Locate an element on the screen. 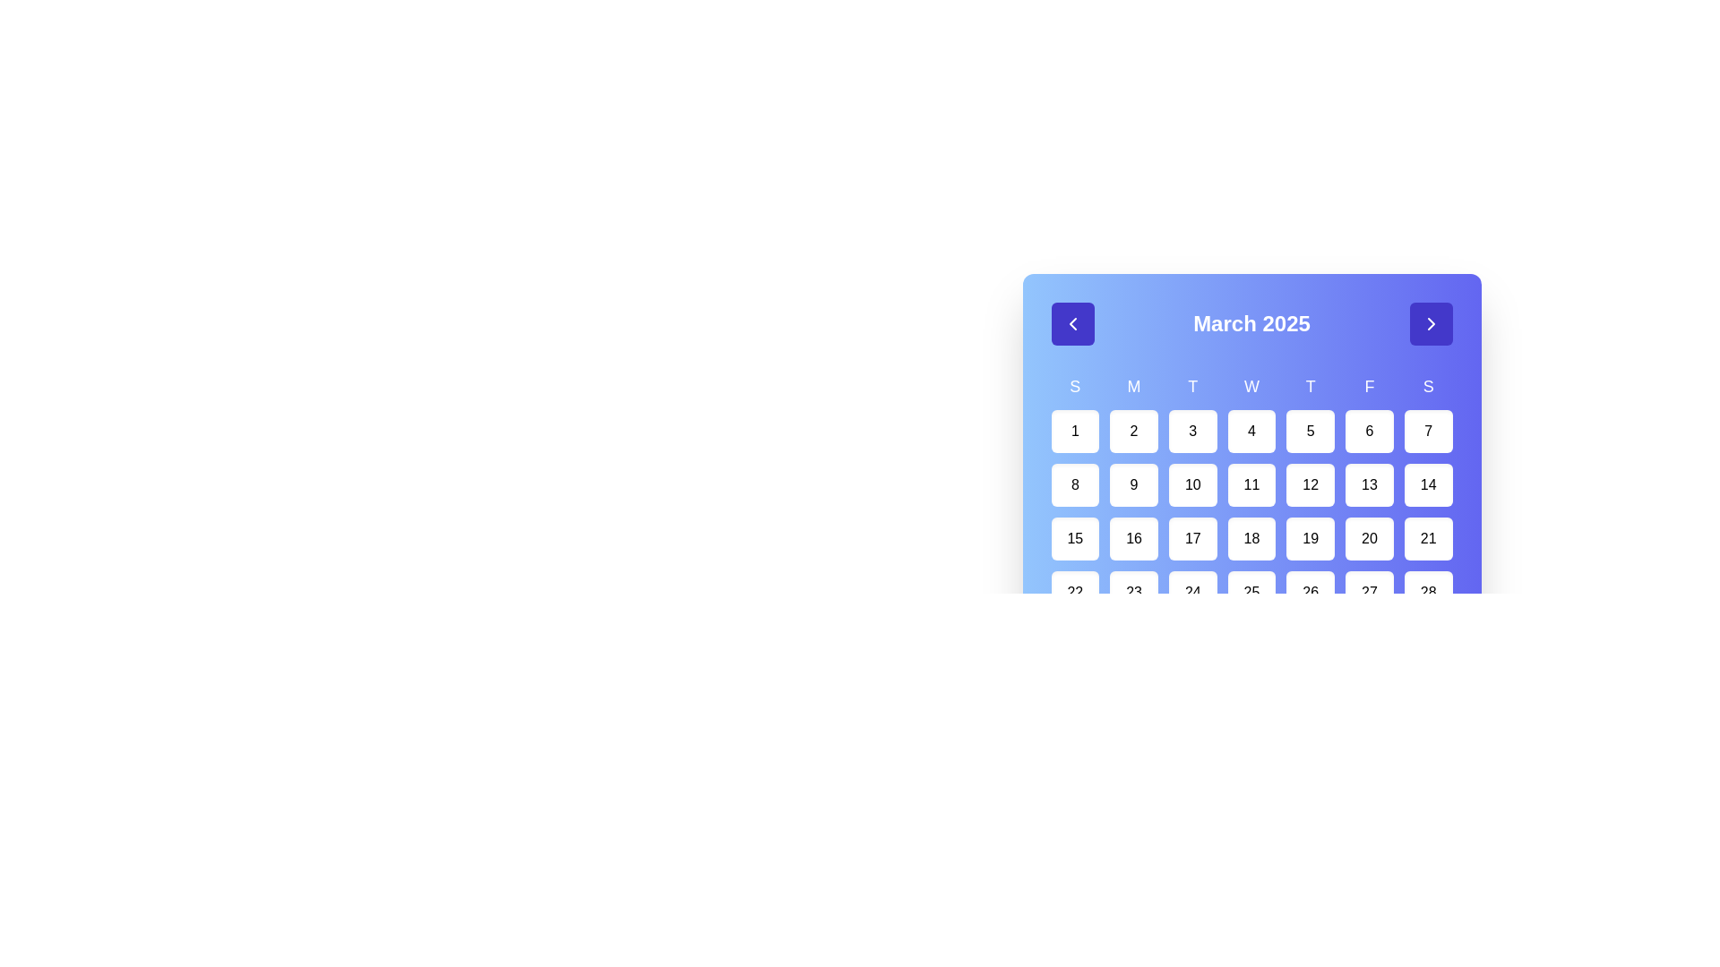 The width and height of the screenshot is (1720, 967). text displayed in the header of the calendar interface that indicates the currently displayed month and year is located at coordinates (1251, 324).